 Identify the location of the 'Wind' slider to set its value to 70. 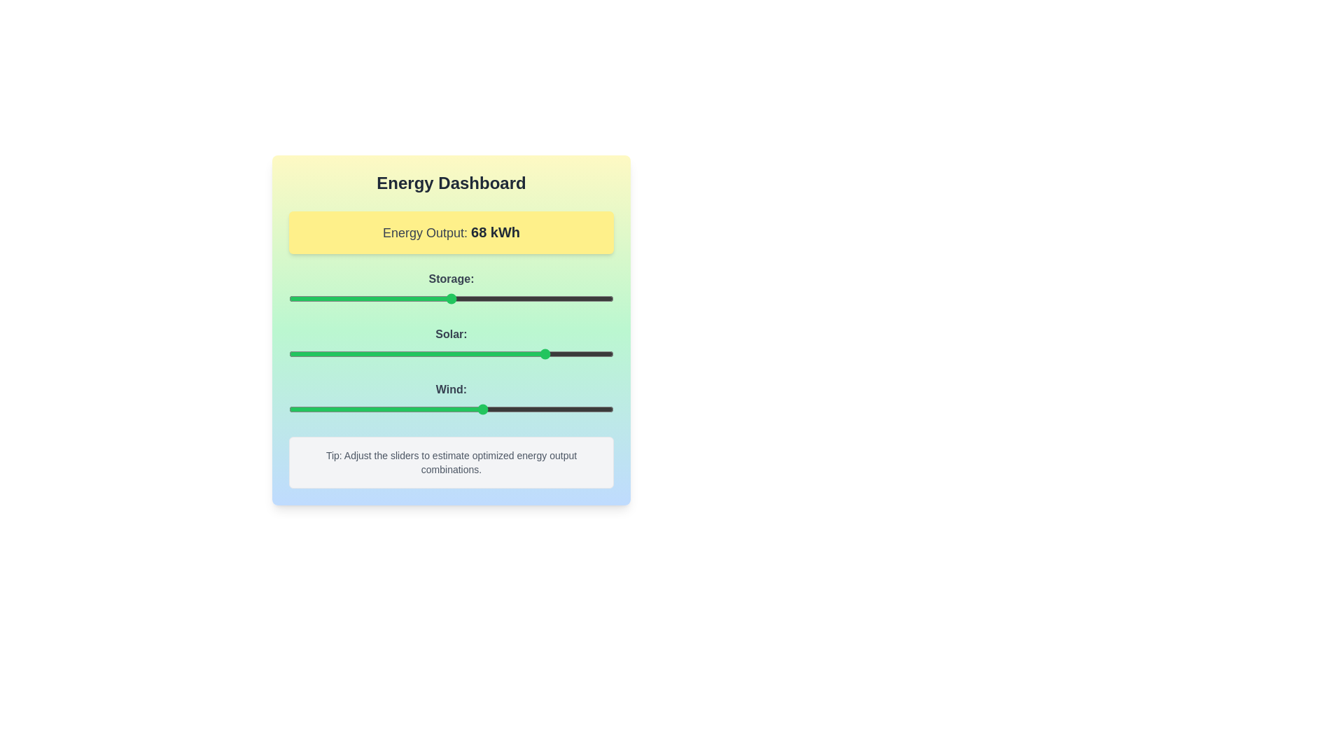
(515, 409).